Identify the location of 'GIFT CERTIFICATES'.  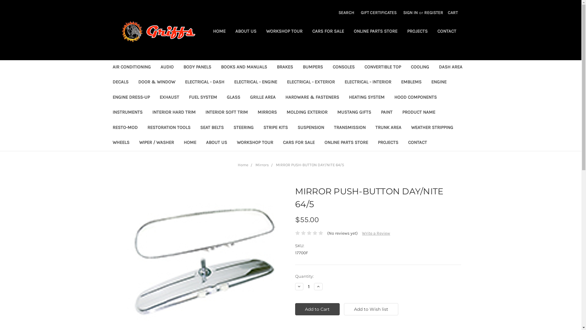
(378, 13).